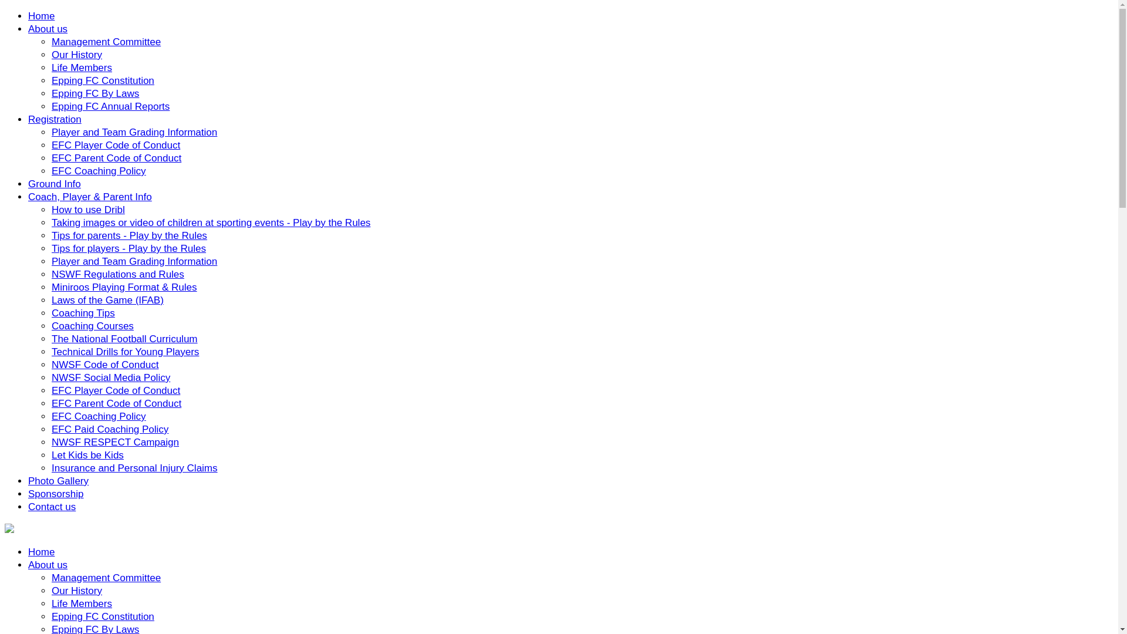 Image resolution: width=1127 pixels, height=634 pixels. I want to click on 'Player and Team Grading Information', so click(134, 261).